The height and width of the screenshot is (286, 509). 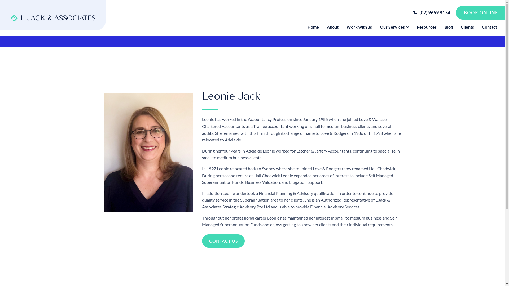 I want to click on 'CONTACT US', so click(x=202, y=241).